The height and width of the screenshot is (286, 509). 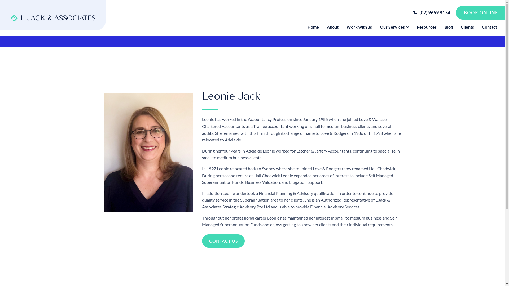 I want to click on 'CONTACT US', so click(x=202, y=241).